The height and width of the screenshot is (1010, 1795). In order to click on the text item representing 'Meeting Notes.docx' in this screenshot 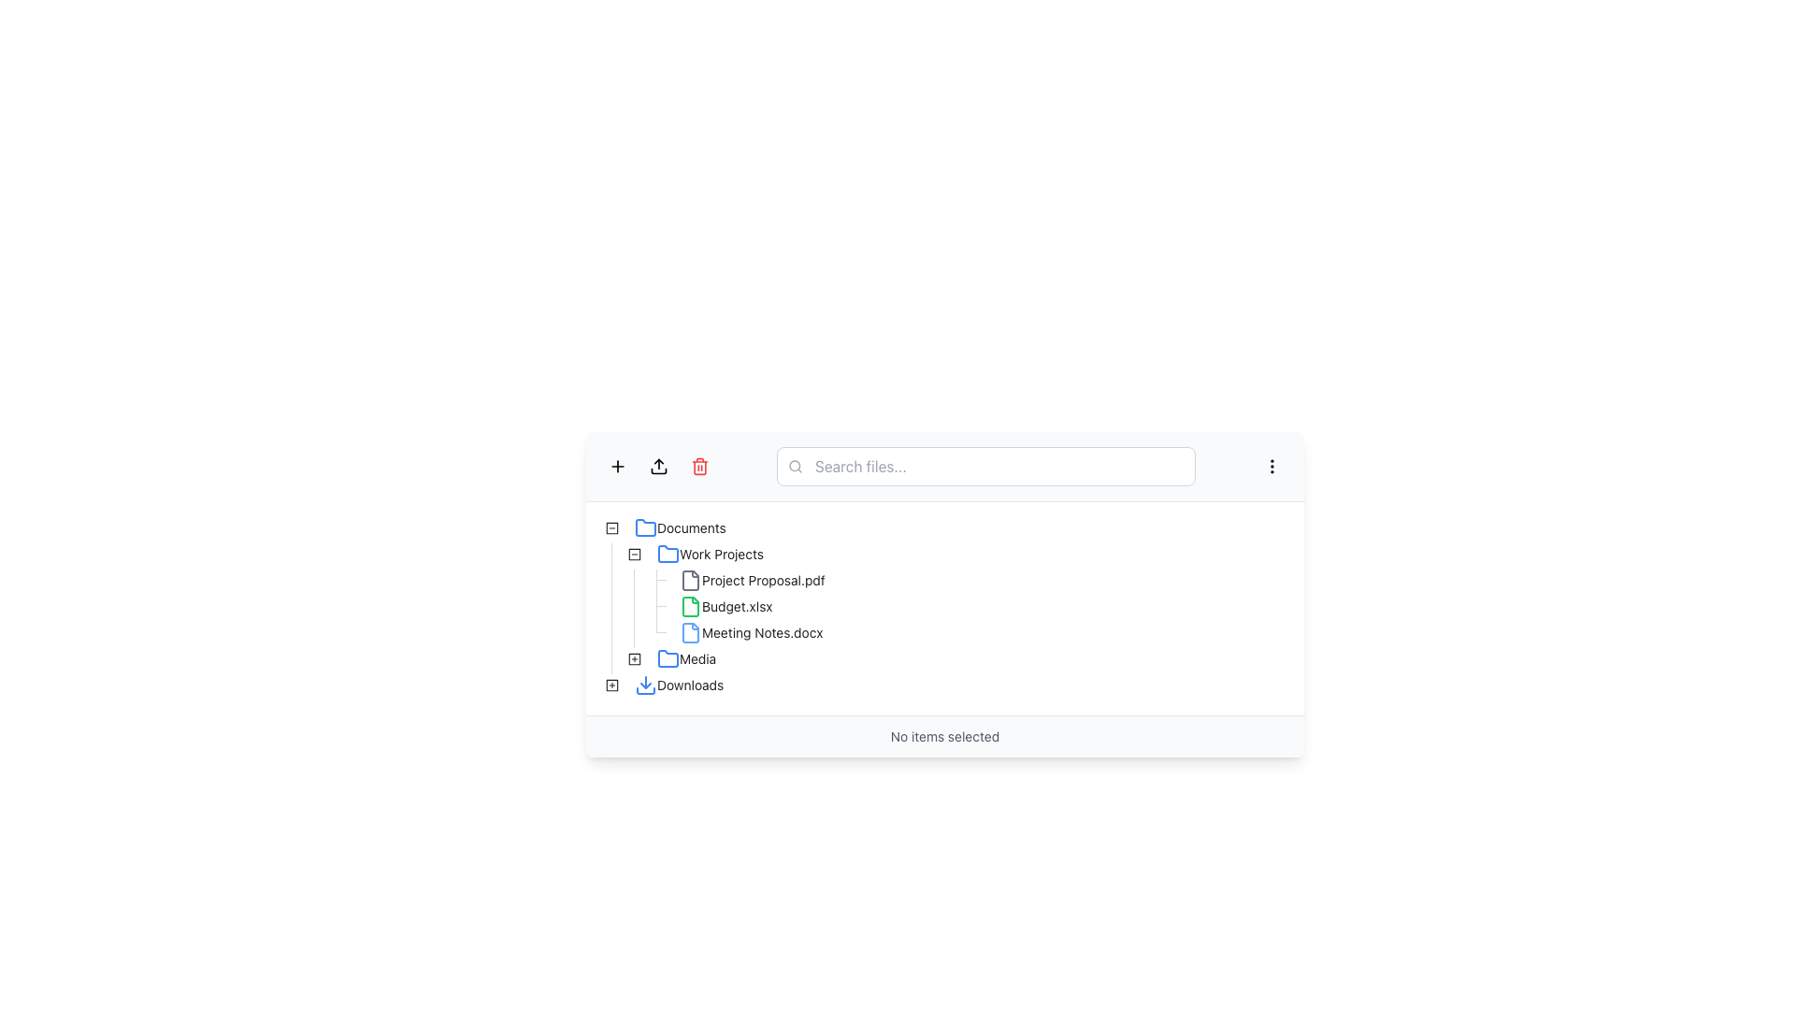, I will do `click(751, 632)`.